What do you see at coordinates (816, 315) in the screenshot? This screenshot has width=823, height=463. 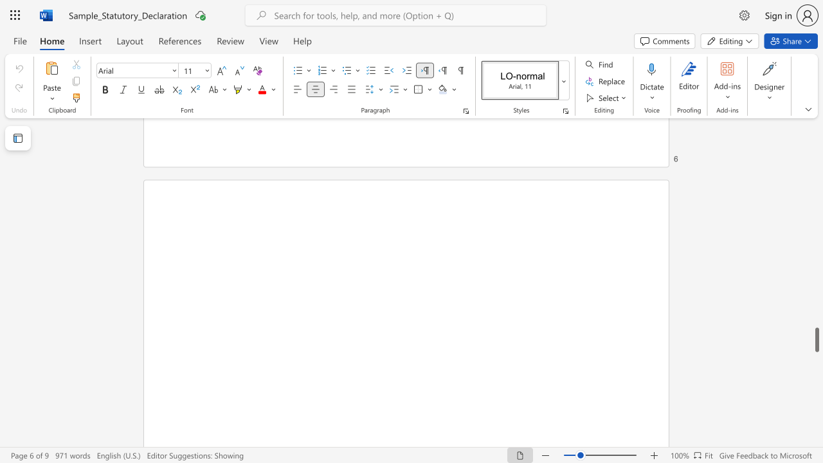 I see `the vertical scrollbar to raise the page content` at bounding box center [816, 315].